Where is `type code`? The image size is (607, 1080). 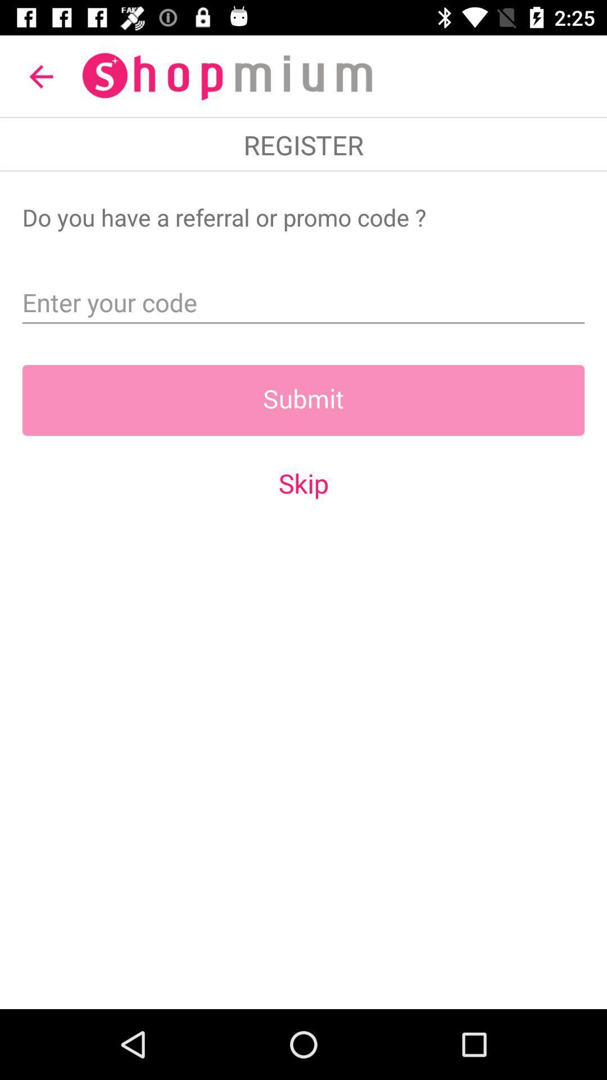 type code is located at coordinates (303, 299).